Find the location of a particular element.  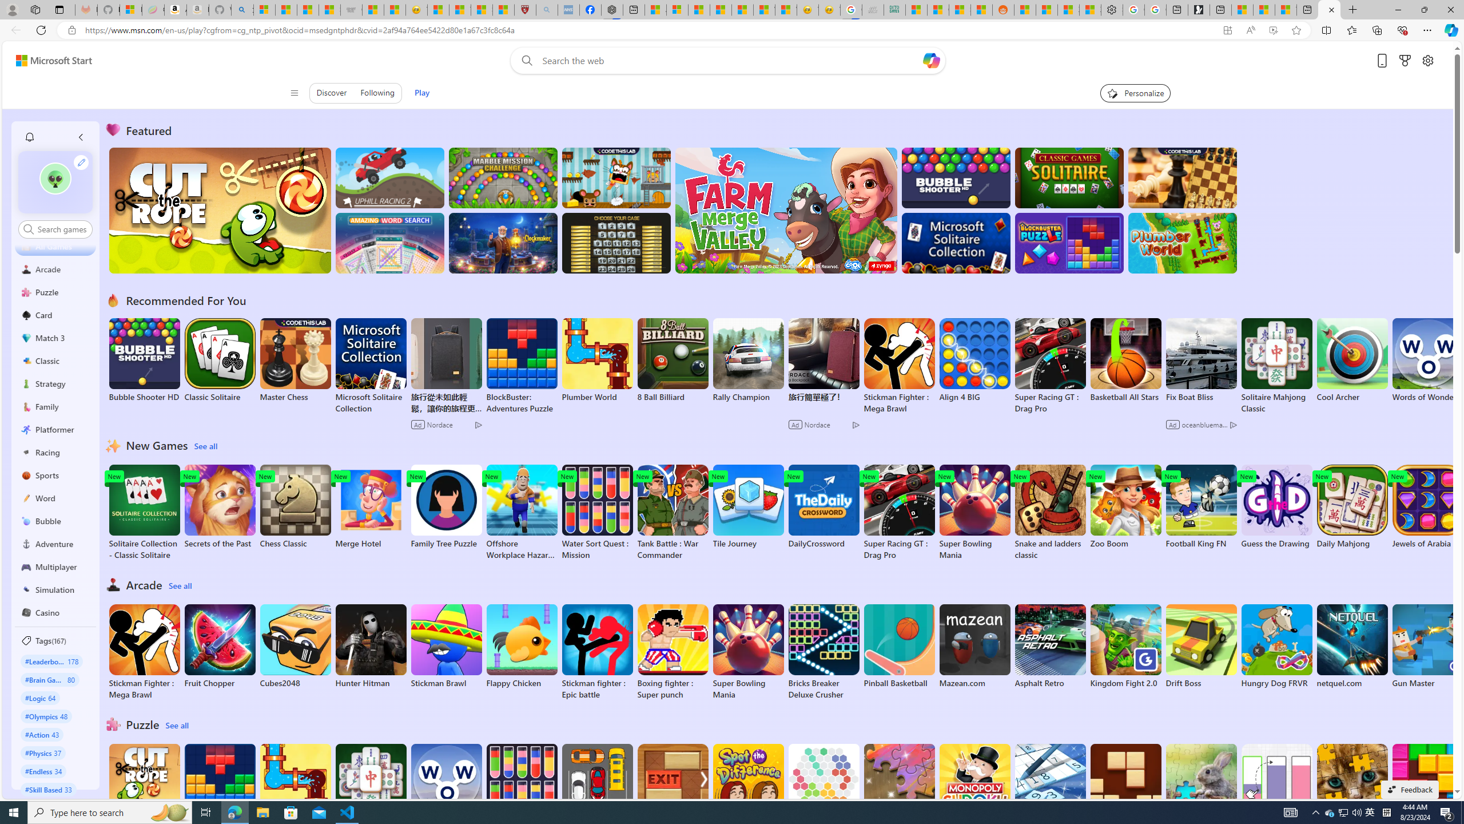

'Class: search-icon' is located at coordinates (27, 228).